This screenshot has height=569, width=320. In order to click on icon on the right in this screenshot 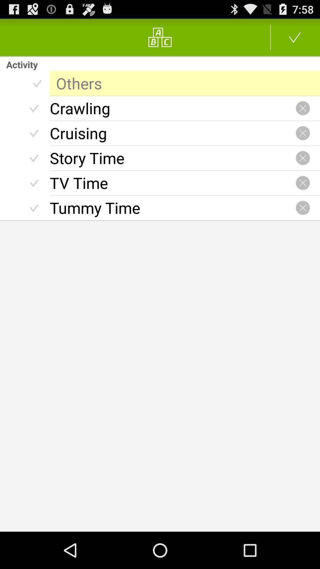, I will do `click(303, 208)`.